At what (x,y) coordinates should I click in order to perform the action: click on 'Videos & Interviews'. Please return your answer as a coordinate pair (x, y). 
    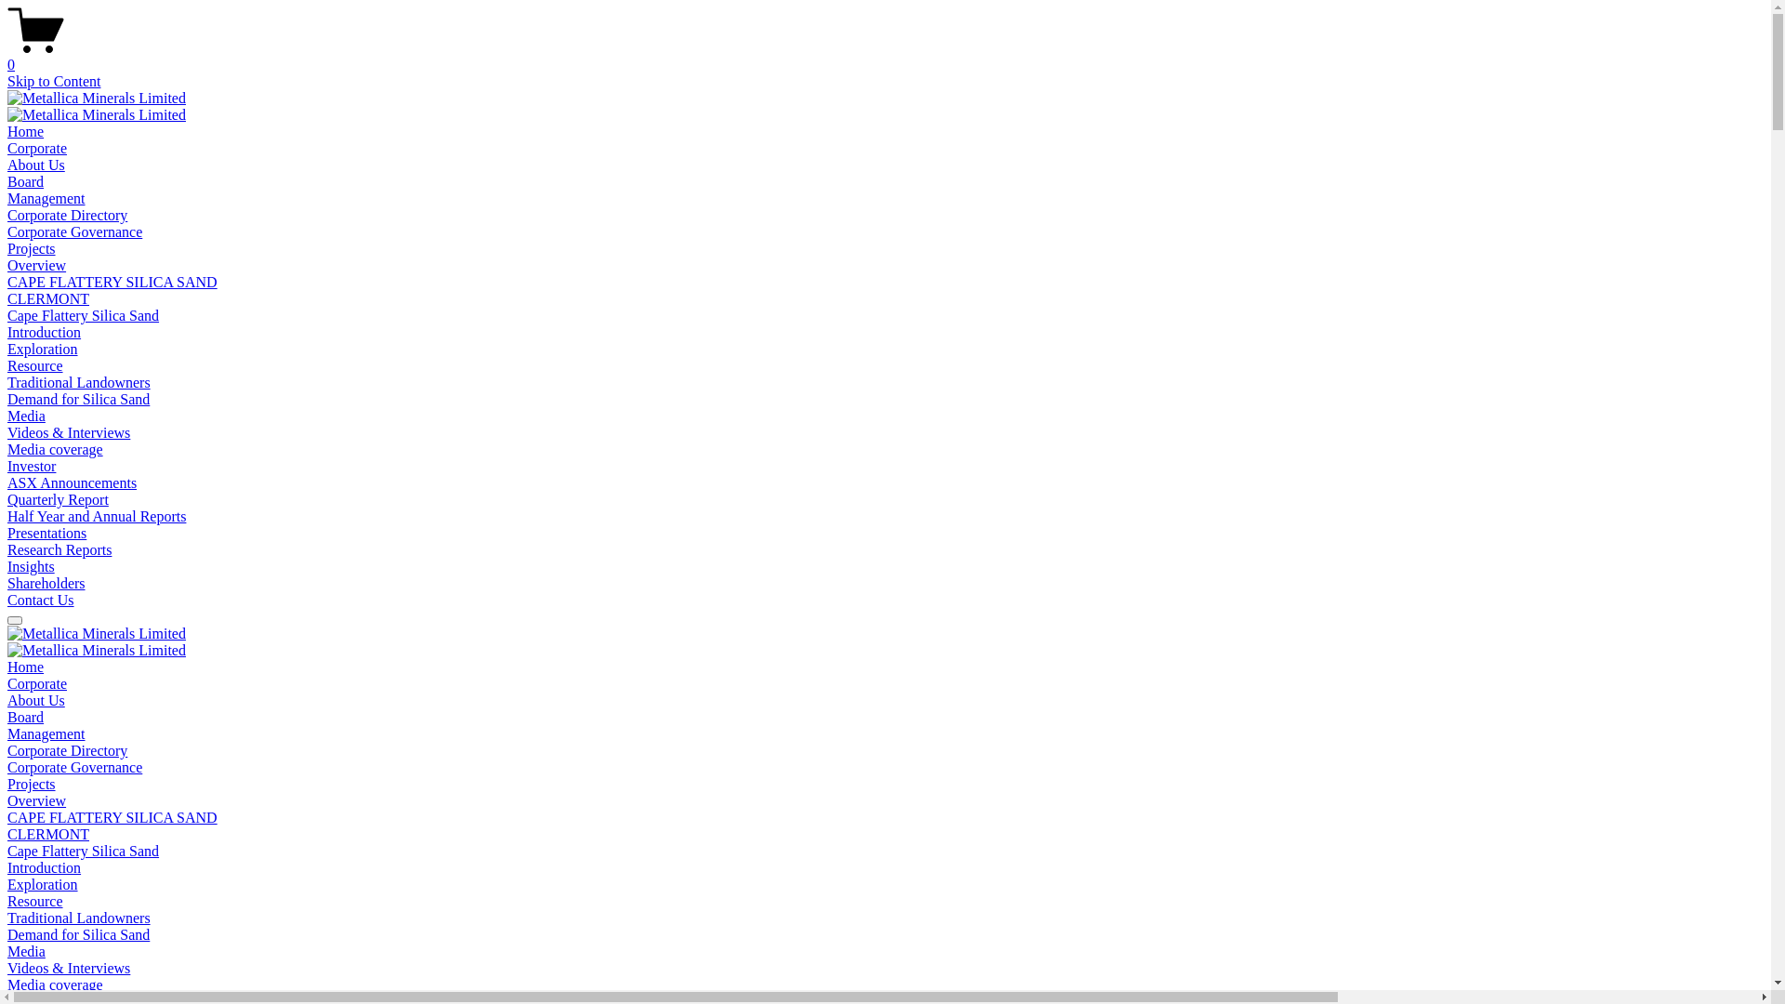
    Looking at the image, I should click on (68, 967).